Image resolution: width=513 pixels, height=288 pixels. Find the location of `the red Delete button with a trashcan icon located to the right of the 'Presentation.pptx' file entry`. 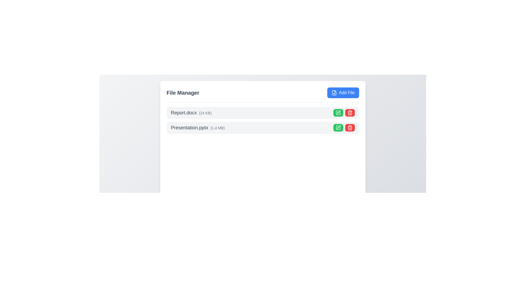

the red Delete button with a trashcan icon located to the right of the 'Presentation.pptx' file entry is located at coordinates (350, 127).